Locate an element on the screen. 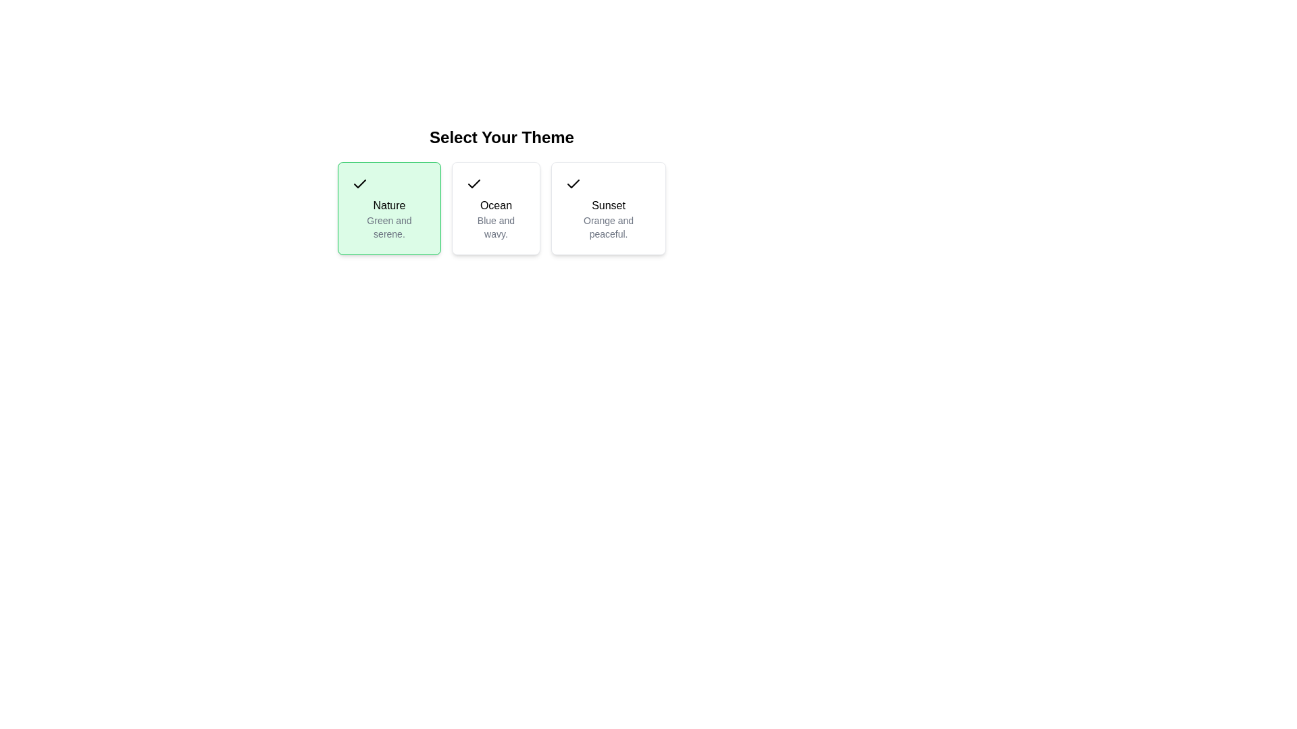 The width and height of the screenshot is (1297, 729). the SVG checkmark icon that indicates the selected state within the 'Nature Green and serene.' theme card located in the left section of the page is located at coordinates (359, 184).